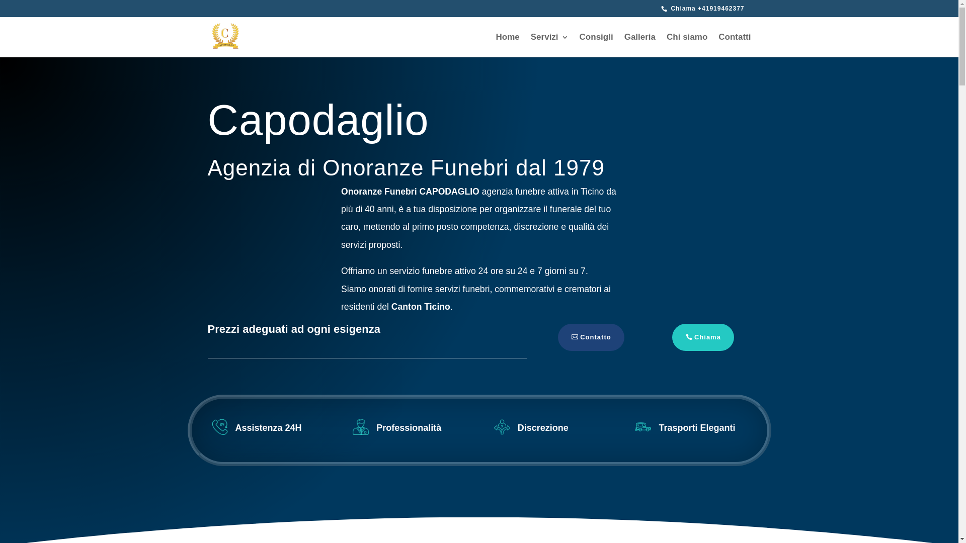  I want to click on 'Consigli', so click(596, 45).